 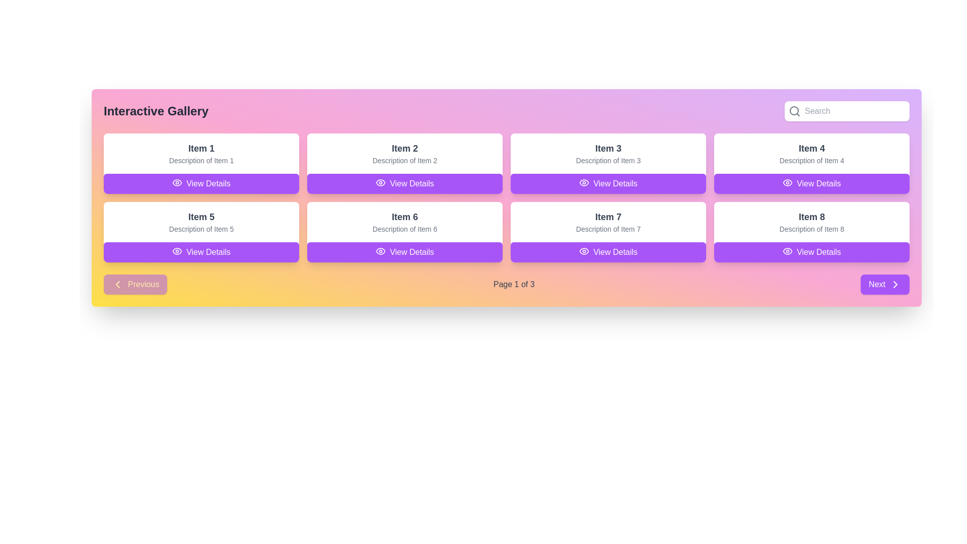 I want to click on the circular component within the SVG search icon located in the top-right corner of the interface, adjacent to the 'Search' text input field, so click(x=794, y=110).